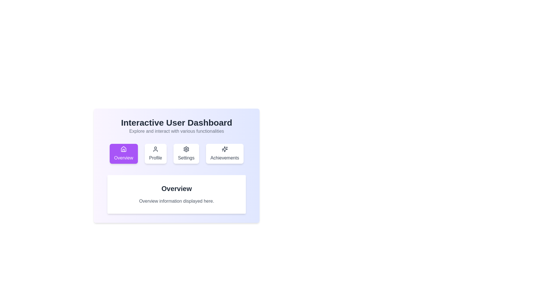  What do you see at coordinates (156, 149) in the screenshot?
I see `the user icon, which is a simple outline representation of a person located at the top center of the 'Profile' card, above the label 'Profile'` at bounding box center [156, 149].